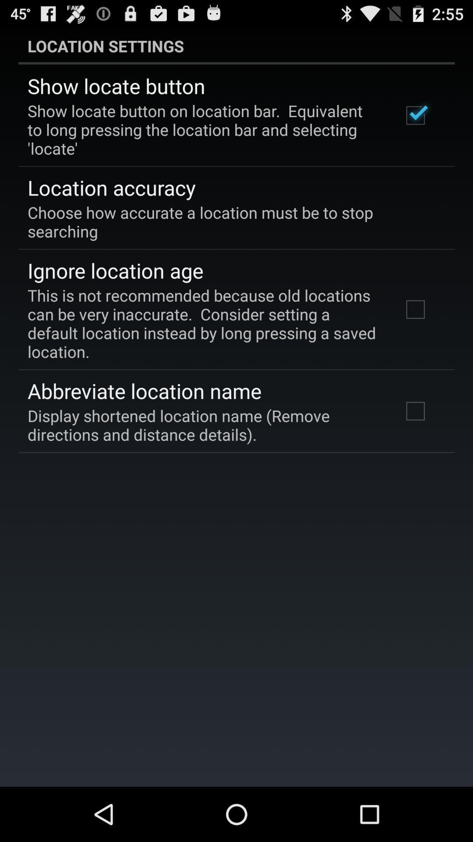 This screenshot has height=842, width=473. Describe the element at coordinates (111, 187) in the screenshot. I see `the location accuracy icon` at that location.